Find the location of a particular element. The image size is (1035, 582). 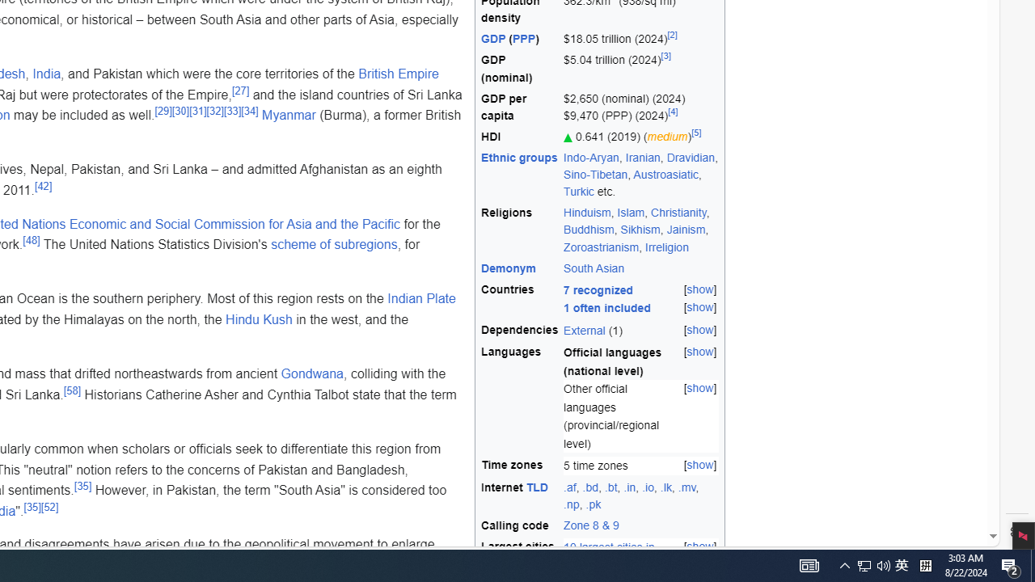

'Religions' is located at coordinates (520, 230).